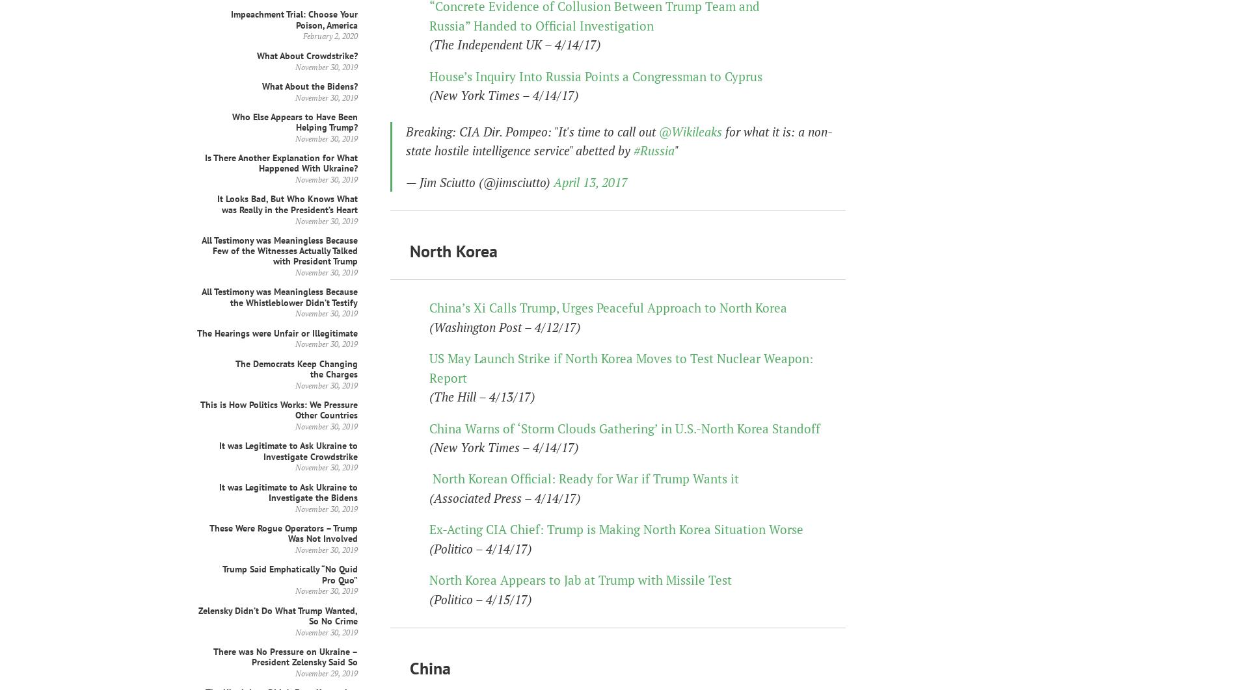  I want to click on 'This is How Politics Works: We Pressure Other Countries', so click(278, 409).